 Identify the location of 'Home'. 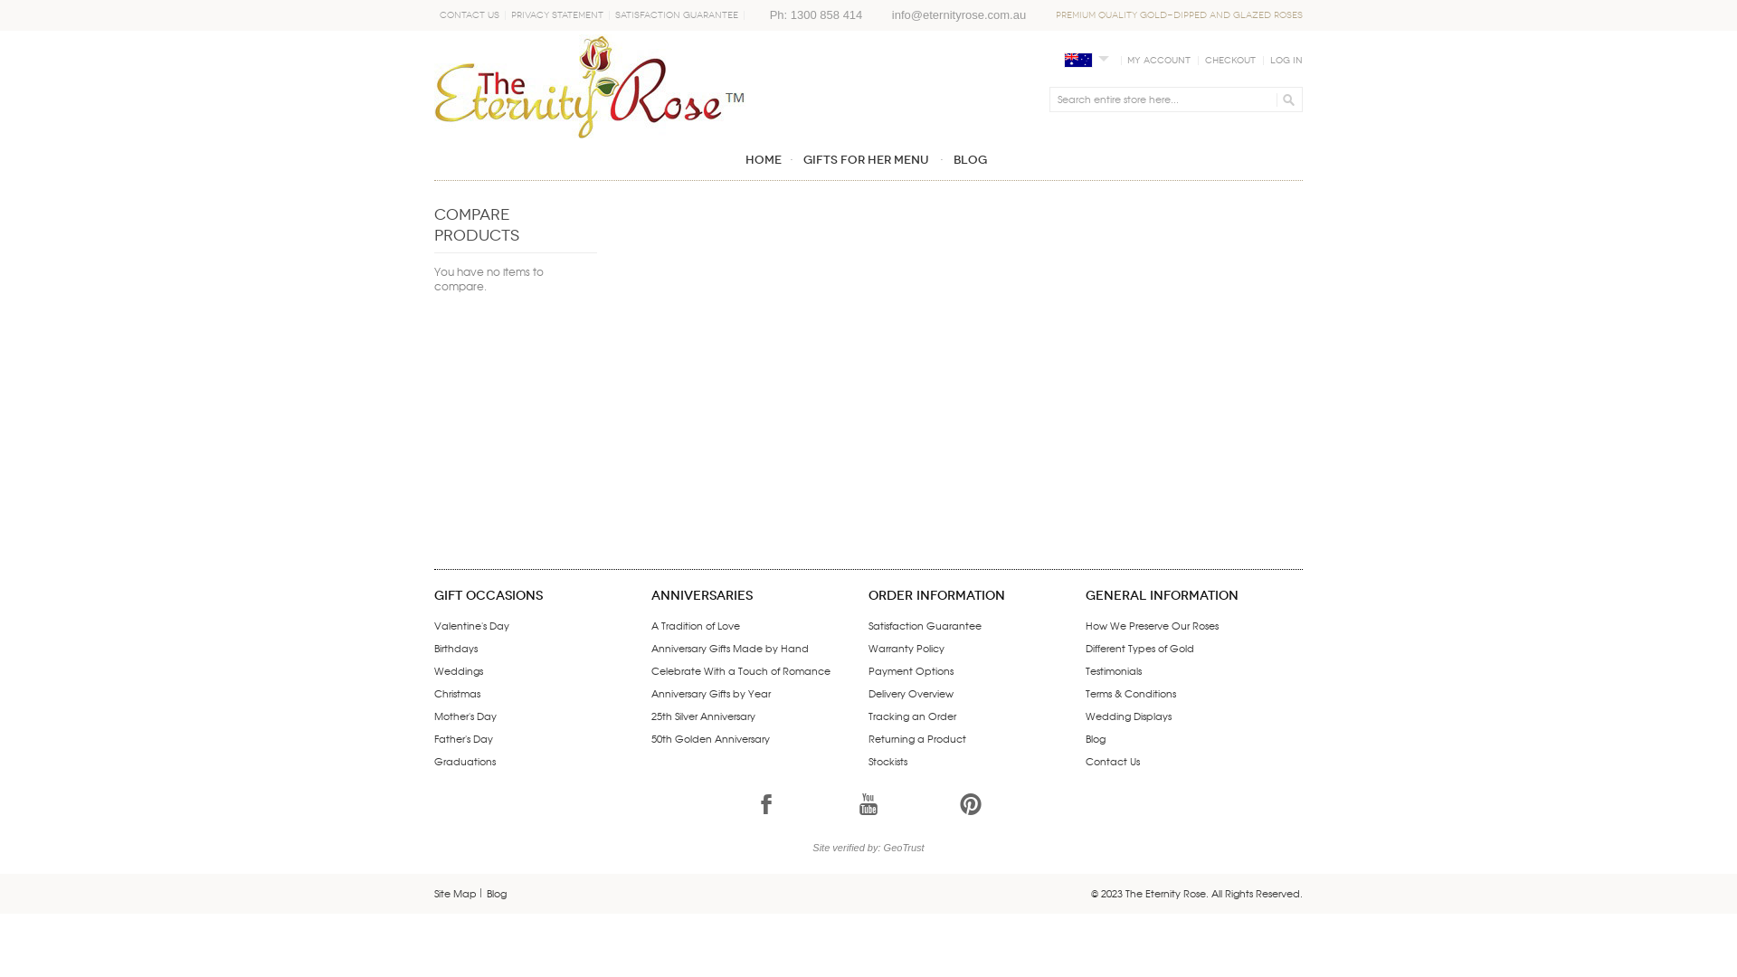
(765, 158).